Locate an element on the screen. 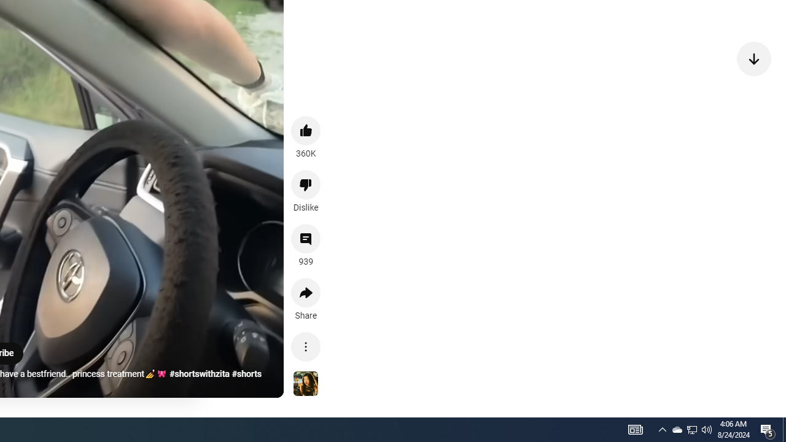 The image size is (786, 442). 'Dislike this video' is located at coordinates (306, 184).